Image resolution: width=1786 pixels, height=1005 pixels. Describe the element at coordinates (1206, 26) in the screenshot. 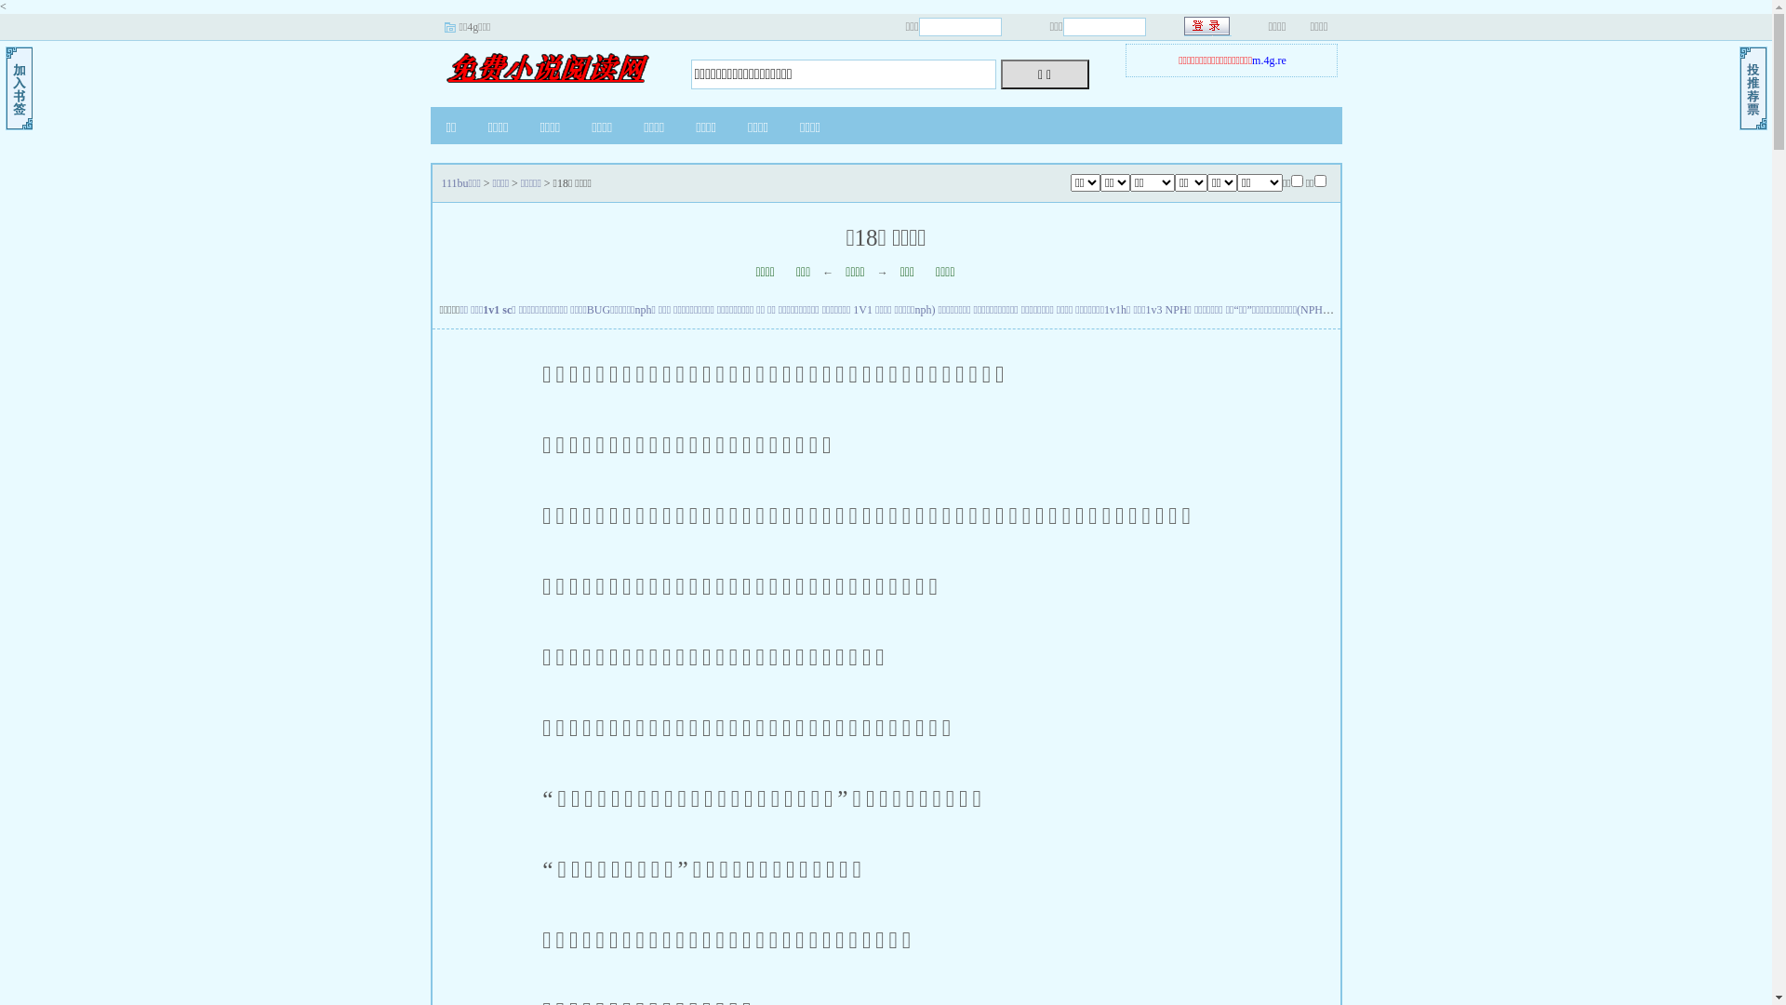

I see `' '` at that location.